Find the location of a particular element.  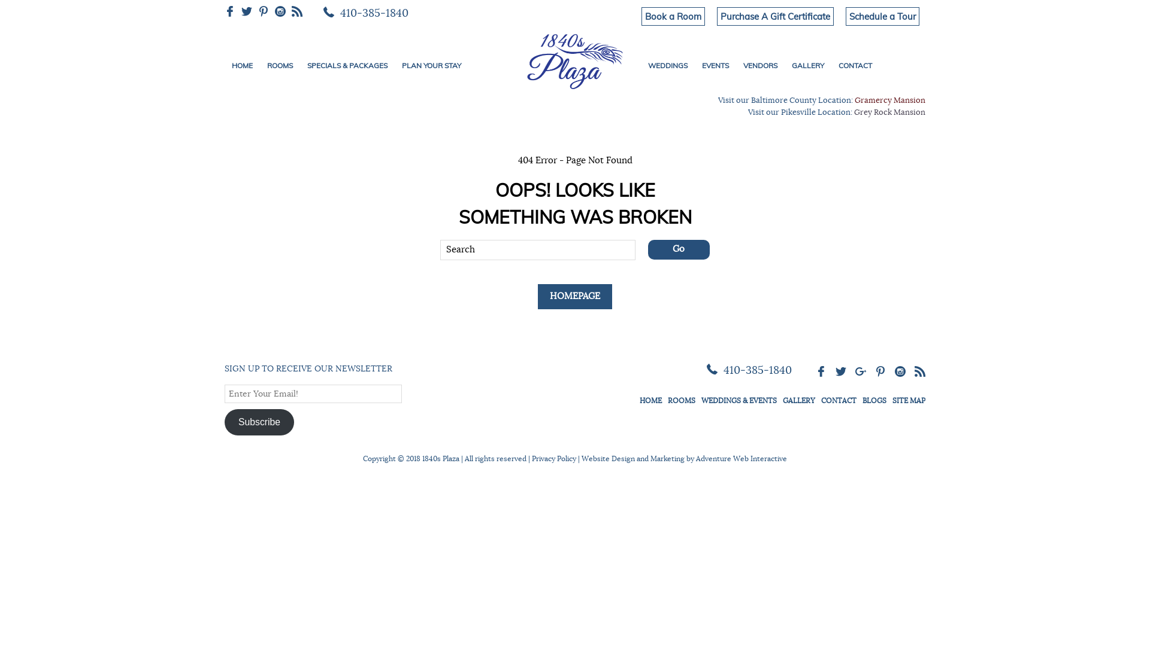

'ROOMS' is located at coordinates (681, 401).